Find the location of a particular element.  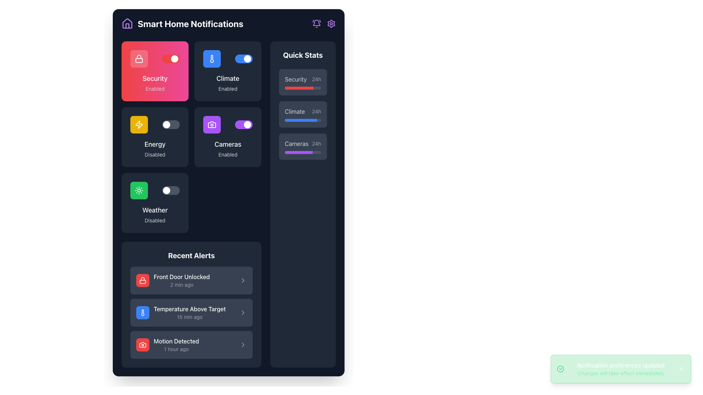

the text label that reads 'Weather', which is displayed in medium white font on a dark background, centered below the green toggle button icon with a sun symbol is located at coordinates (155, 210).